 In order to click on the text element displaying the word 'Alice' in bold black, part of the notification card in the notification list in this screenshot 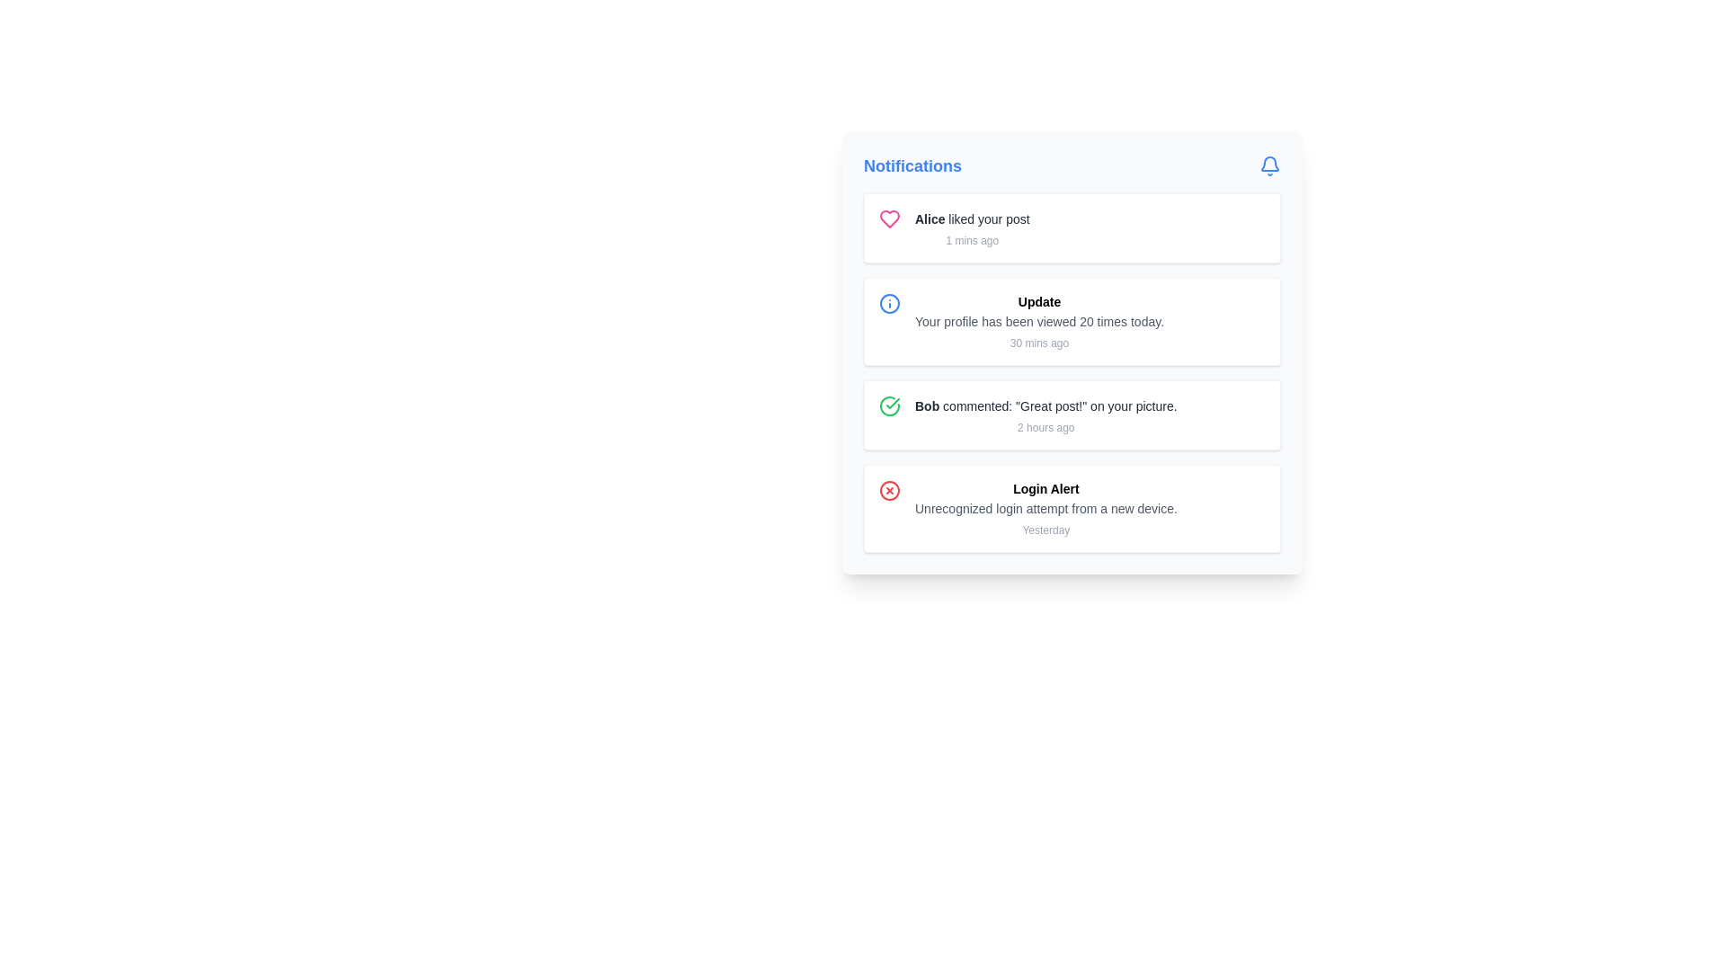, I will do `click(930, 218)`.